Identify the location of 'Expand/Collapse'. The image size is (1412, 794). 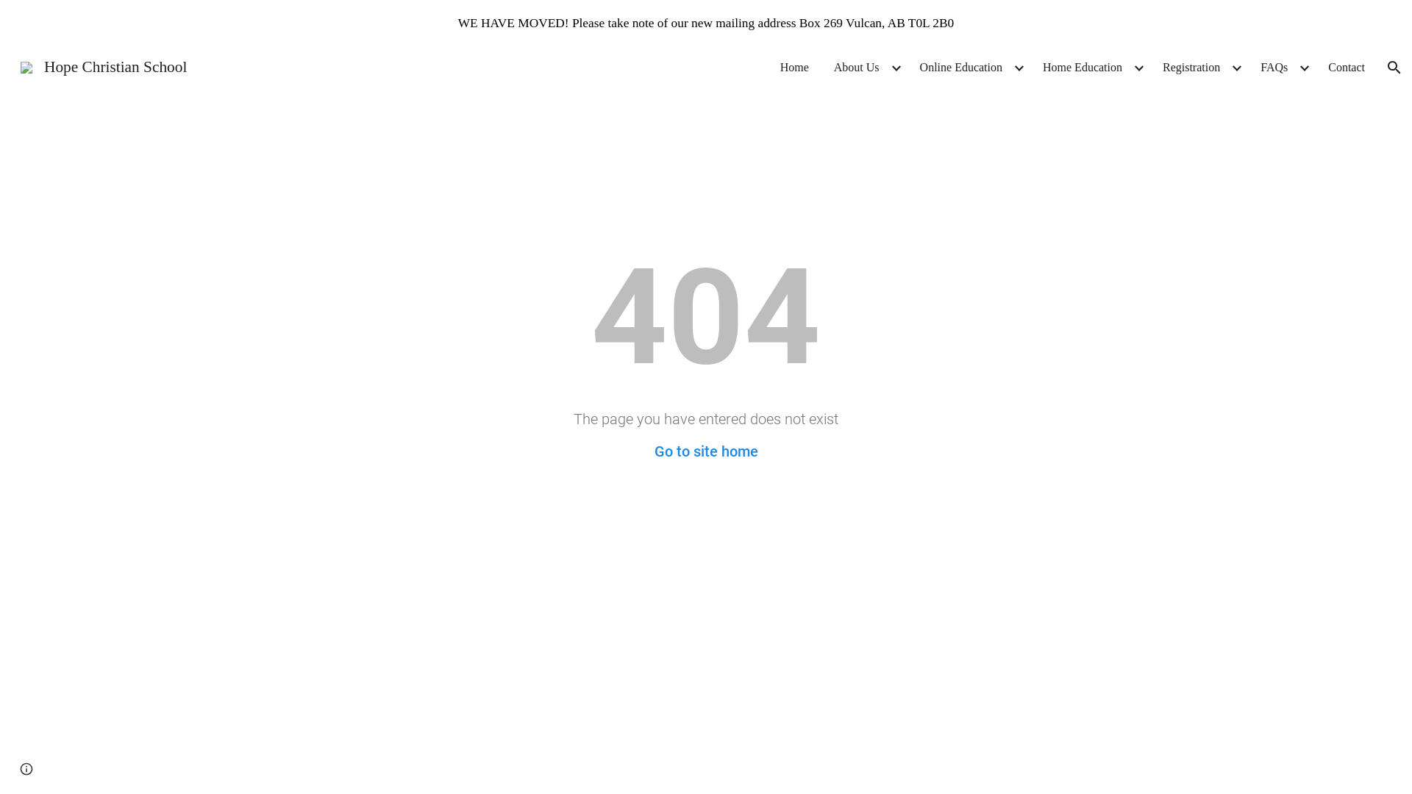
(1235, 68).